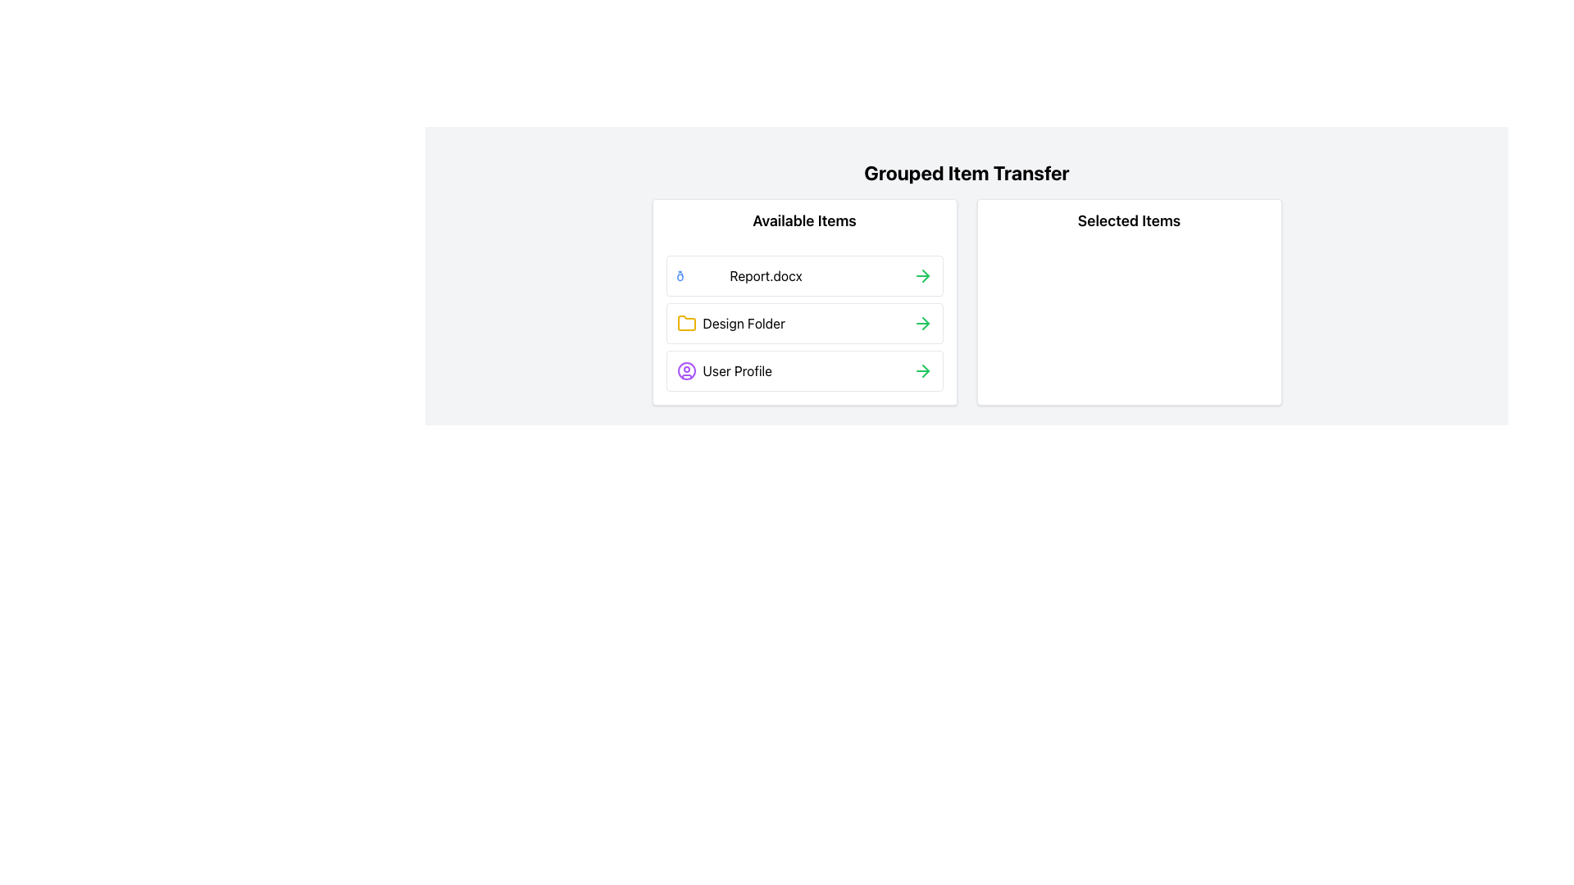 This screenshot has width=1574, height=885. What do you see at coordinates (925, 370) in the screenshot?
I see `the green rightward arrow icon in the 'Available Items' column for the 'Design Folder'` at bounding box center [925, 370].